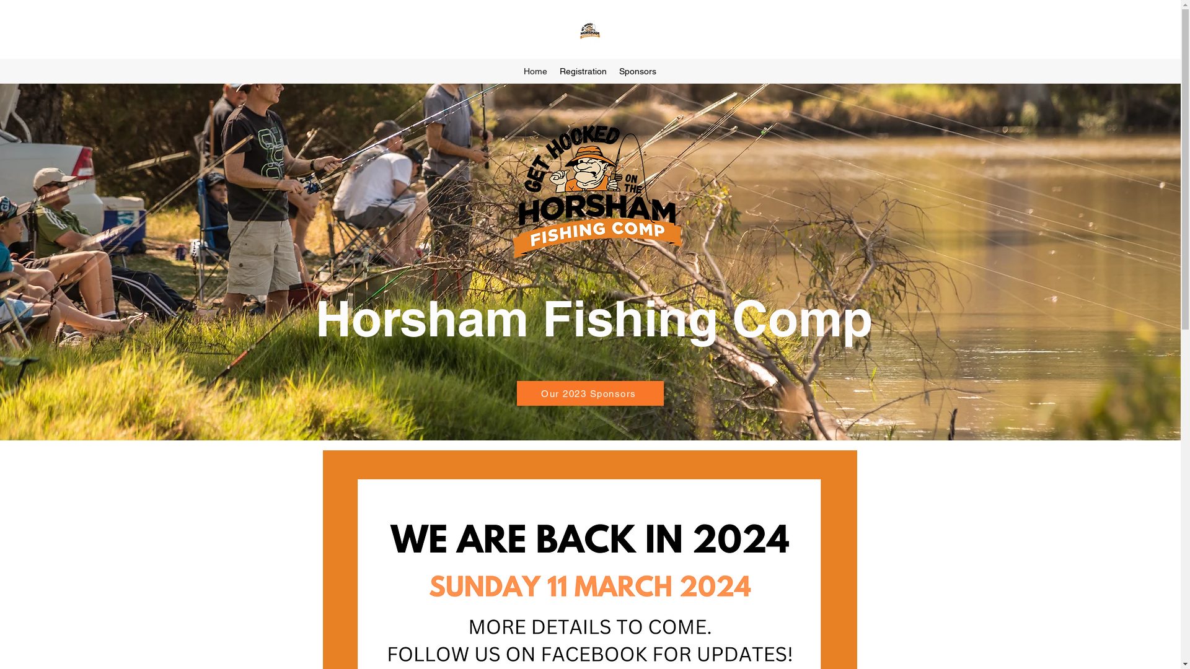 The height and width of the screenshot is (669, 1190). Describe the element at coordinates (589, 393) in the screenshot. I see `'Our 2023 Sponsors'` at that location.